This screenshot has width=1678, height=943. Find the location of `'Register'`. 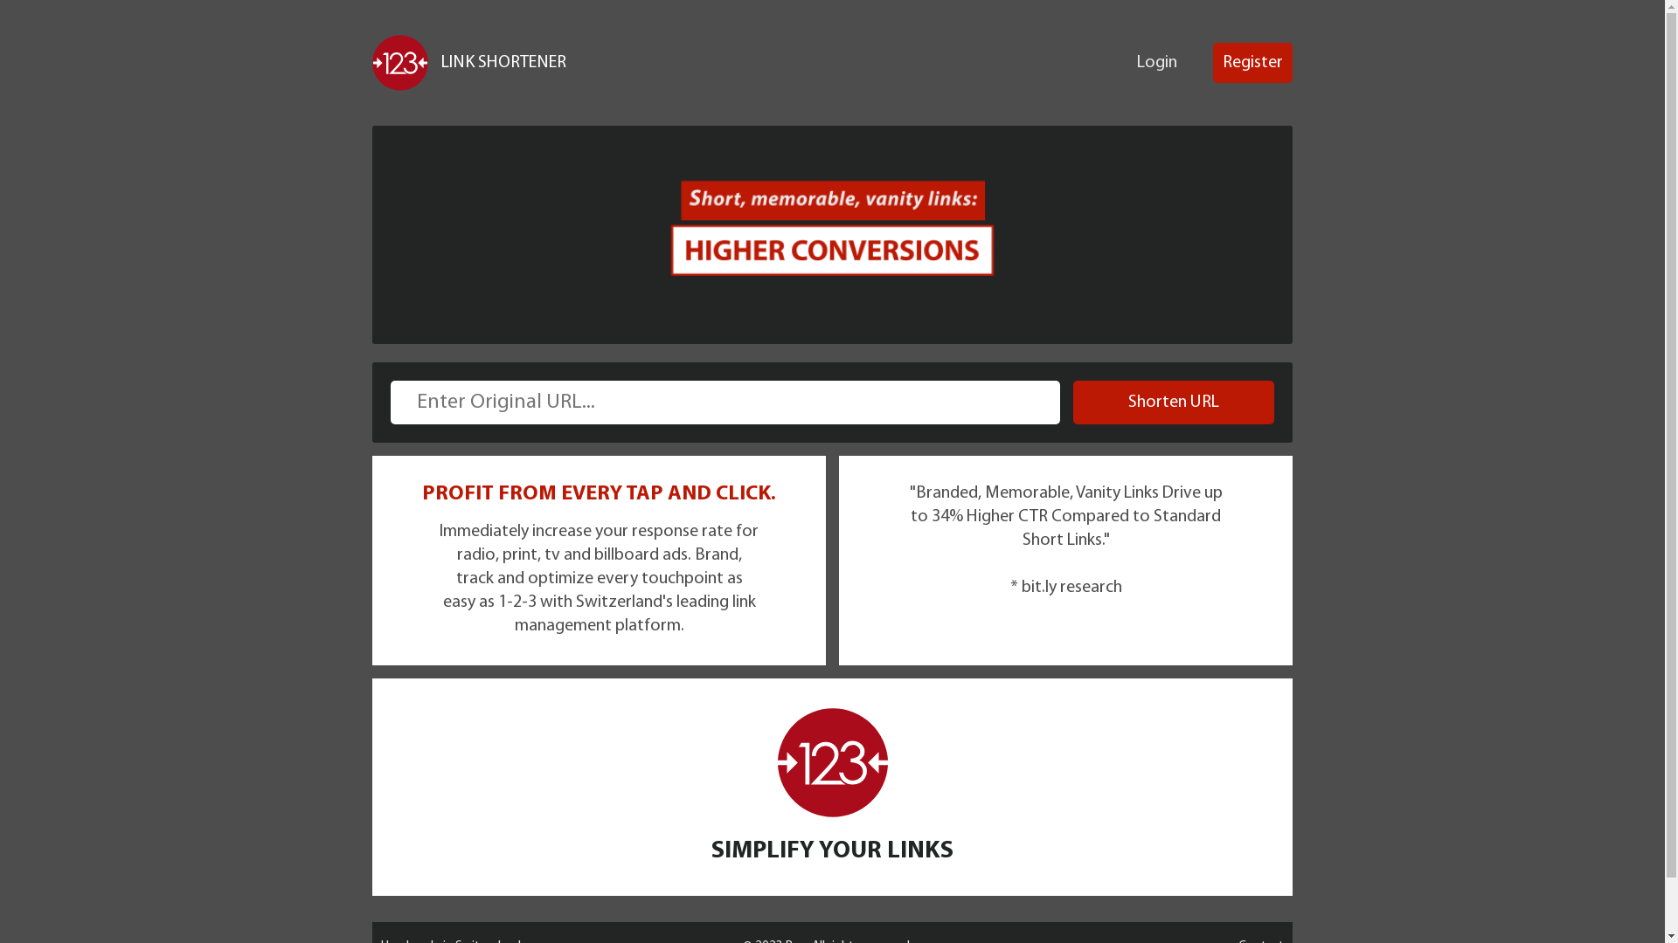

'Register' is located at coordinates (1211, 62).